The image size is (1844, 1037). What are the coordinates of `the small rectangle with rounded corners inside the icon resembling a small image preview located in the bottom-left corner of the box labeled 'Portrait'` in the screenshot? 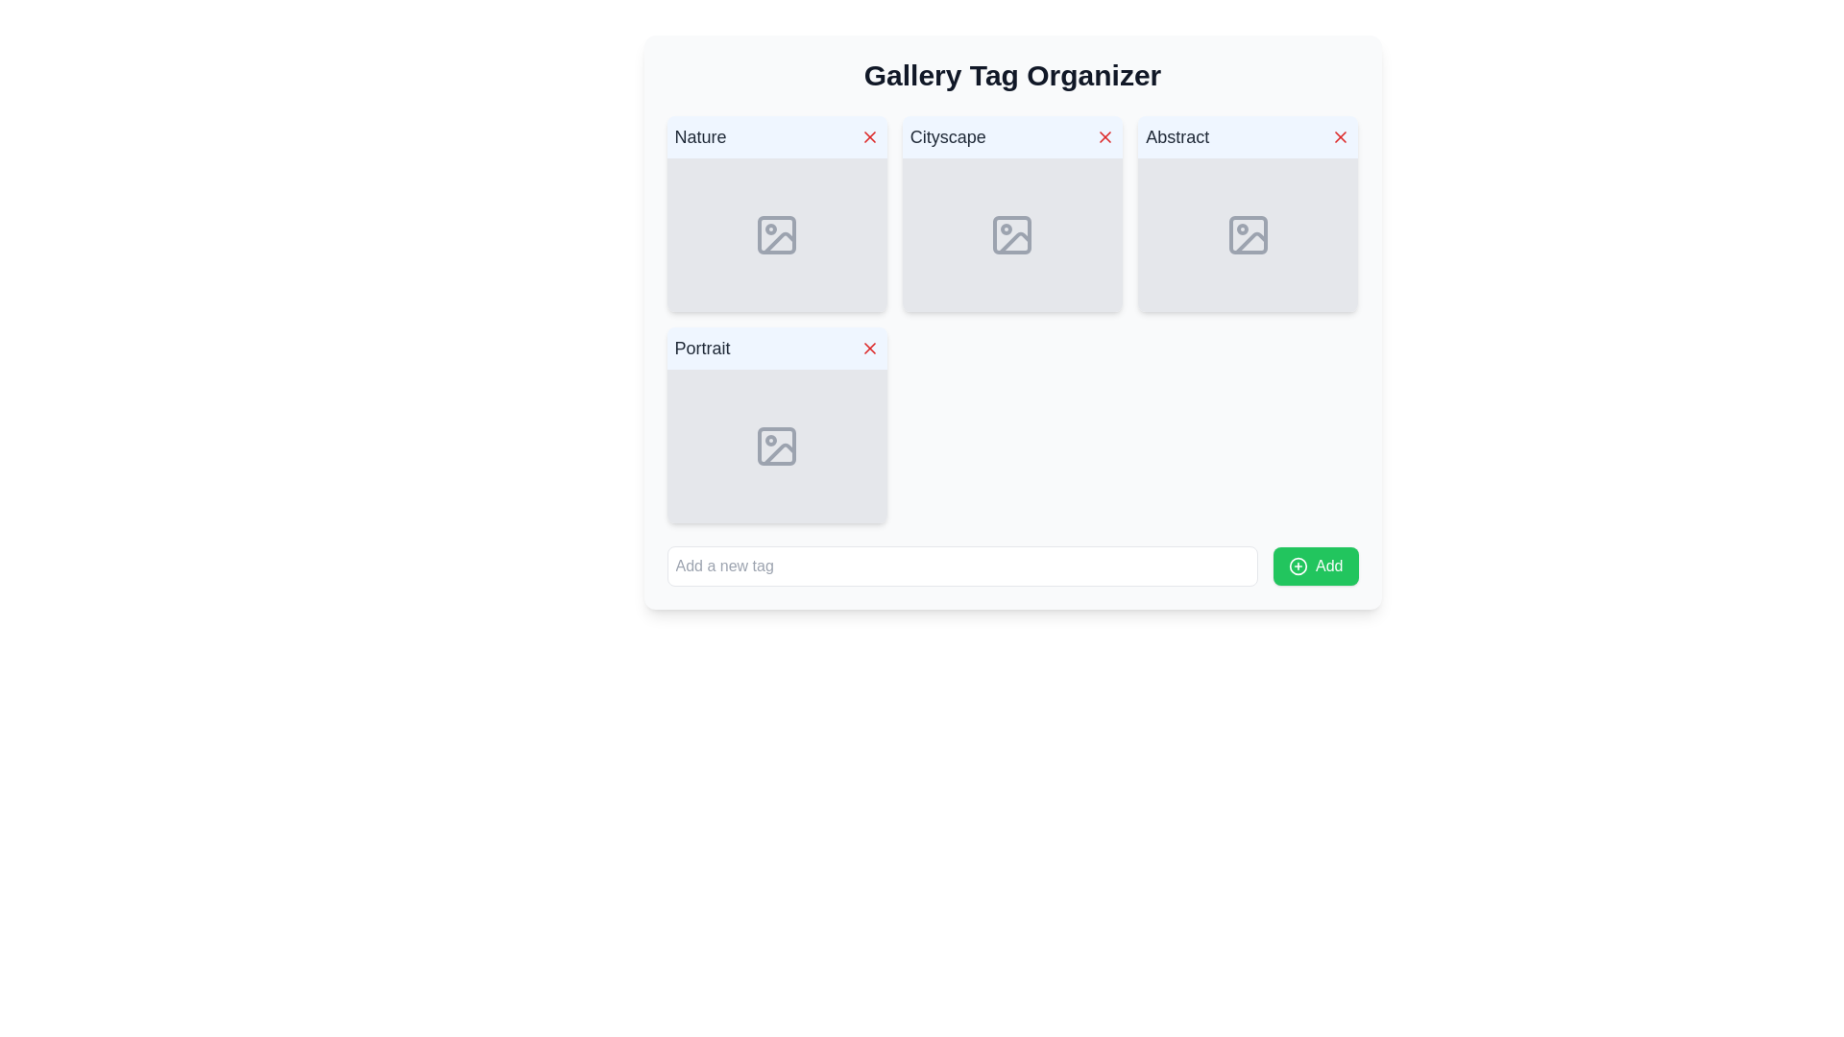 It's located at (777, 446).